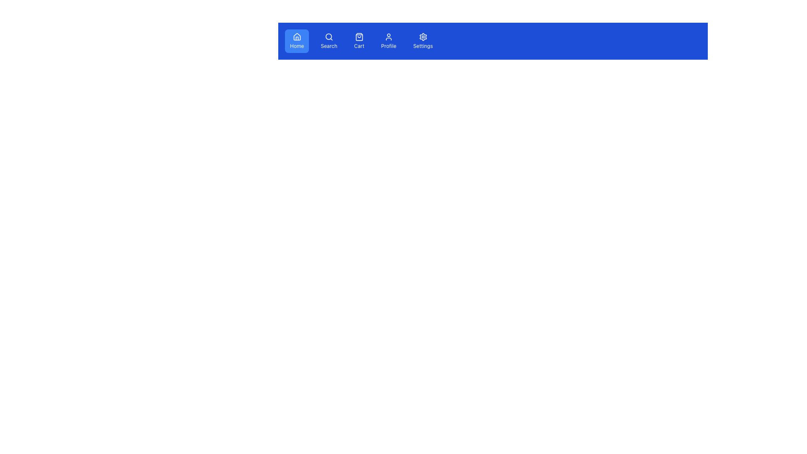  Describe the element at coordinates (297, 46) in the screenshot. I see `the 'Home' text label located within the first button of the horizontal navigation menu, which indicates the purpose of the associated button` at that location.